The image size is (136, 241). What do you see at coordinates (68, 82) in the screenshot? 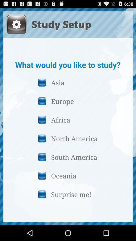
I see `item below the what would you app` at bounding box center [68, 82].